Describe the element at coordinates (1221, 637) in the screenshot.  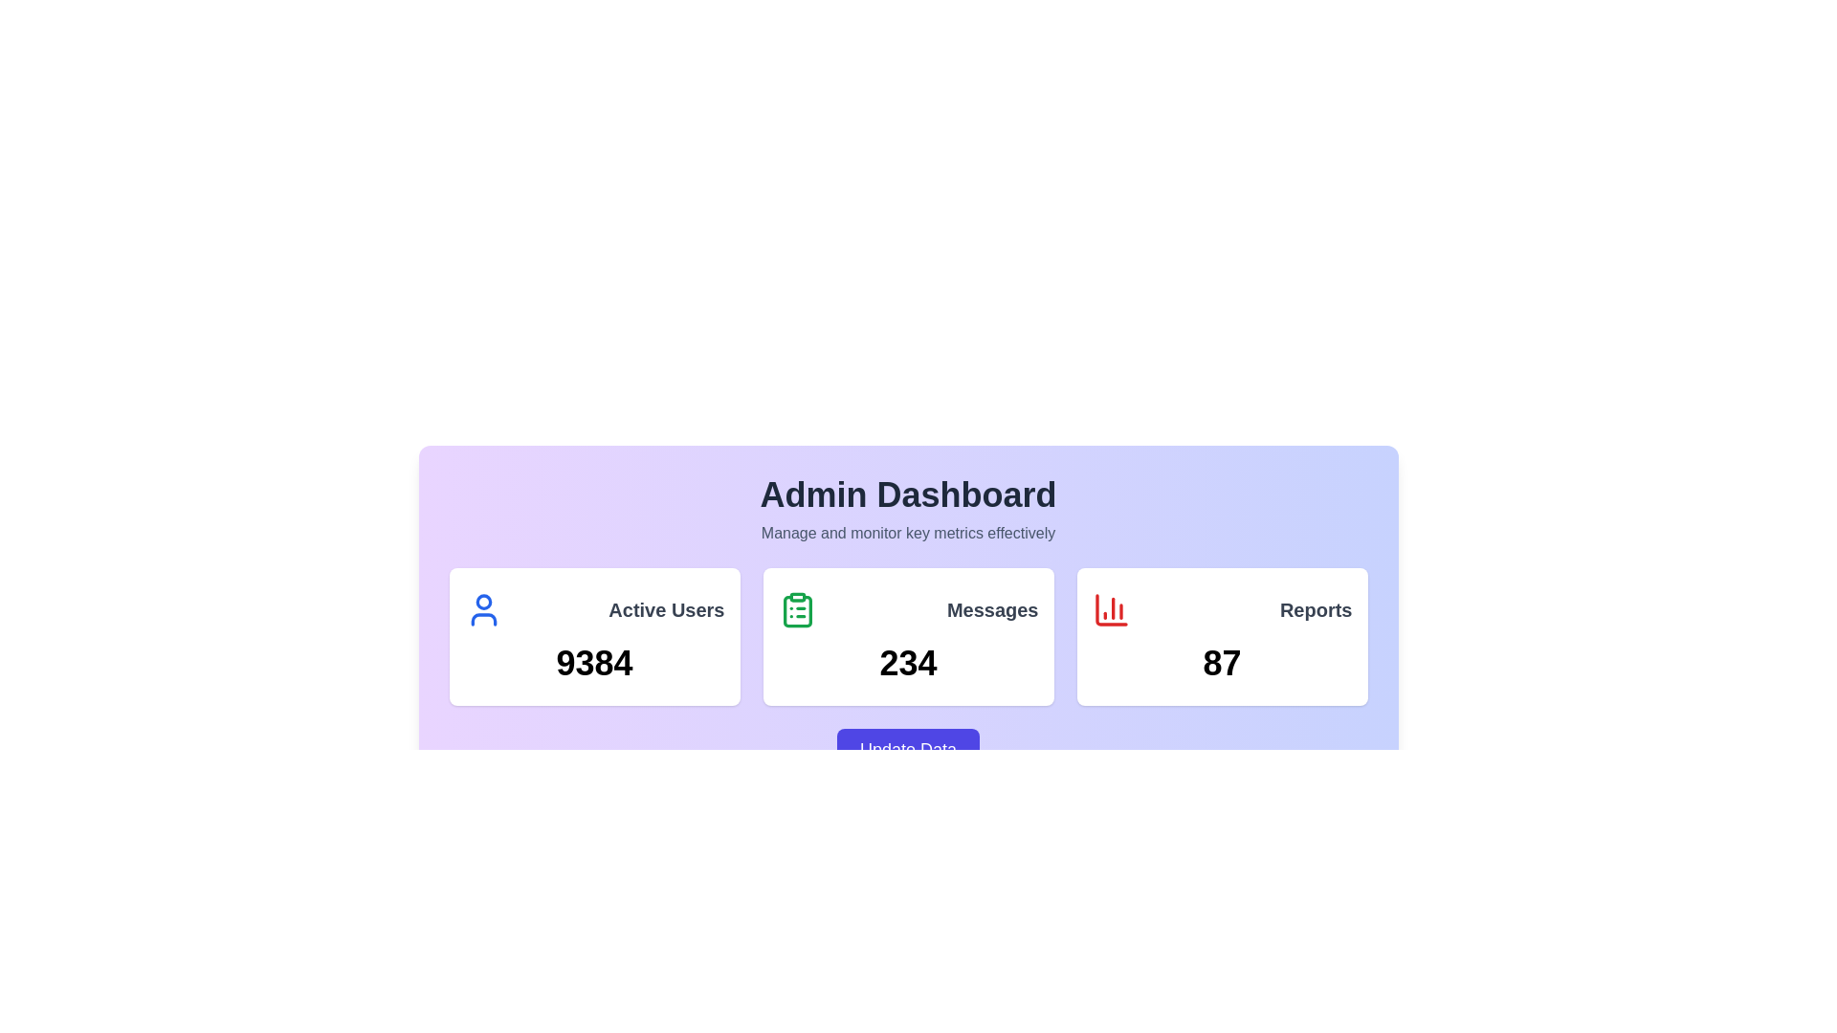
I see `the Information card displaying 'Reports' with a large numeral '87' centered, located as the third card in the grid layout beneath 'Admin Dashboard'` at that location.